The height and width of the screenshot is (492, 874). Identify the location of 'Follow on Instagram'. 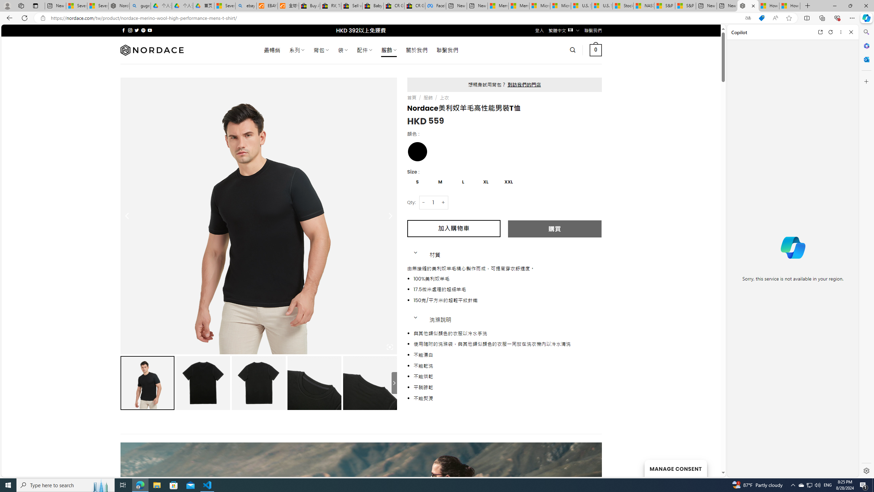
(130, 30).